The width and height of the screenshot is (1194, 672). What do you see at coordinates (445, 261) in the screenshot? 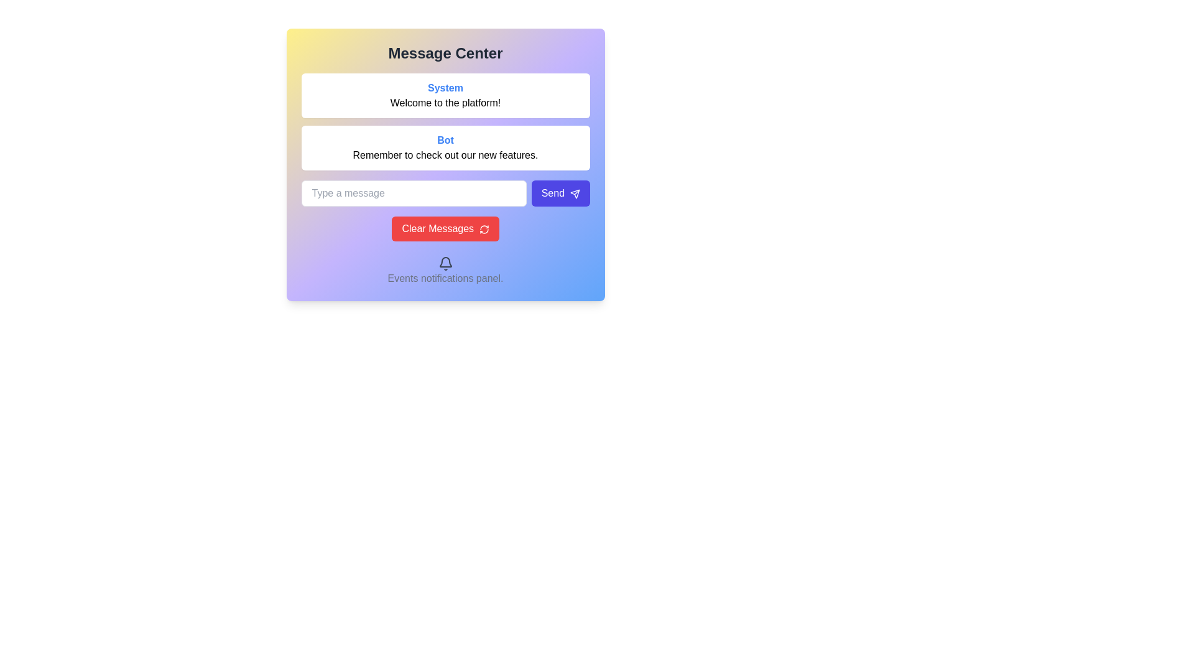
I see `the bell-shaped graphical decoration located at the bottom region of the interface, which is part of an icon group and represents the main bulk of the bell icon` at bounding box center [445, 261].